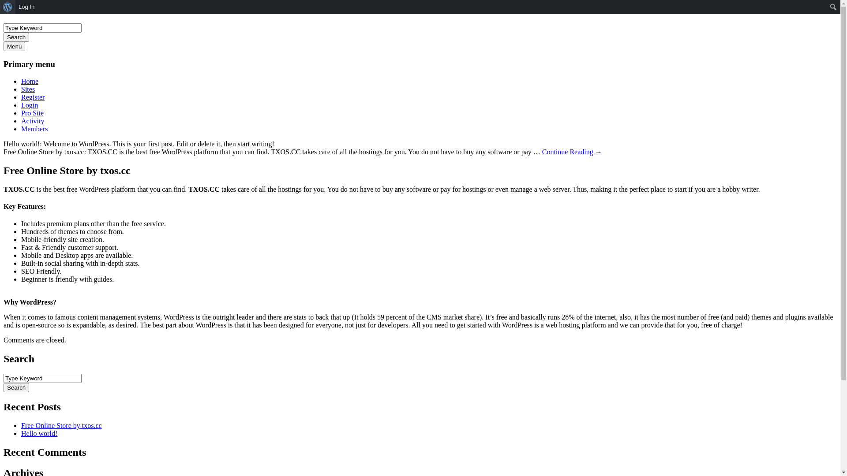 Image resolution: width=847 pixels, height=476 pixels. I want to click on 'Sites', so click(21, 89).